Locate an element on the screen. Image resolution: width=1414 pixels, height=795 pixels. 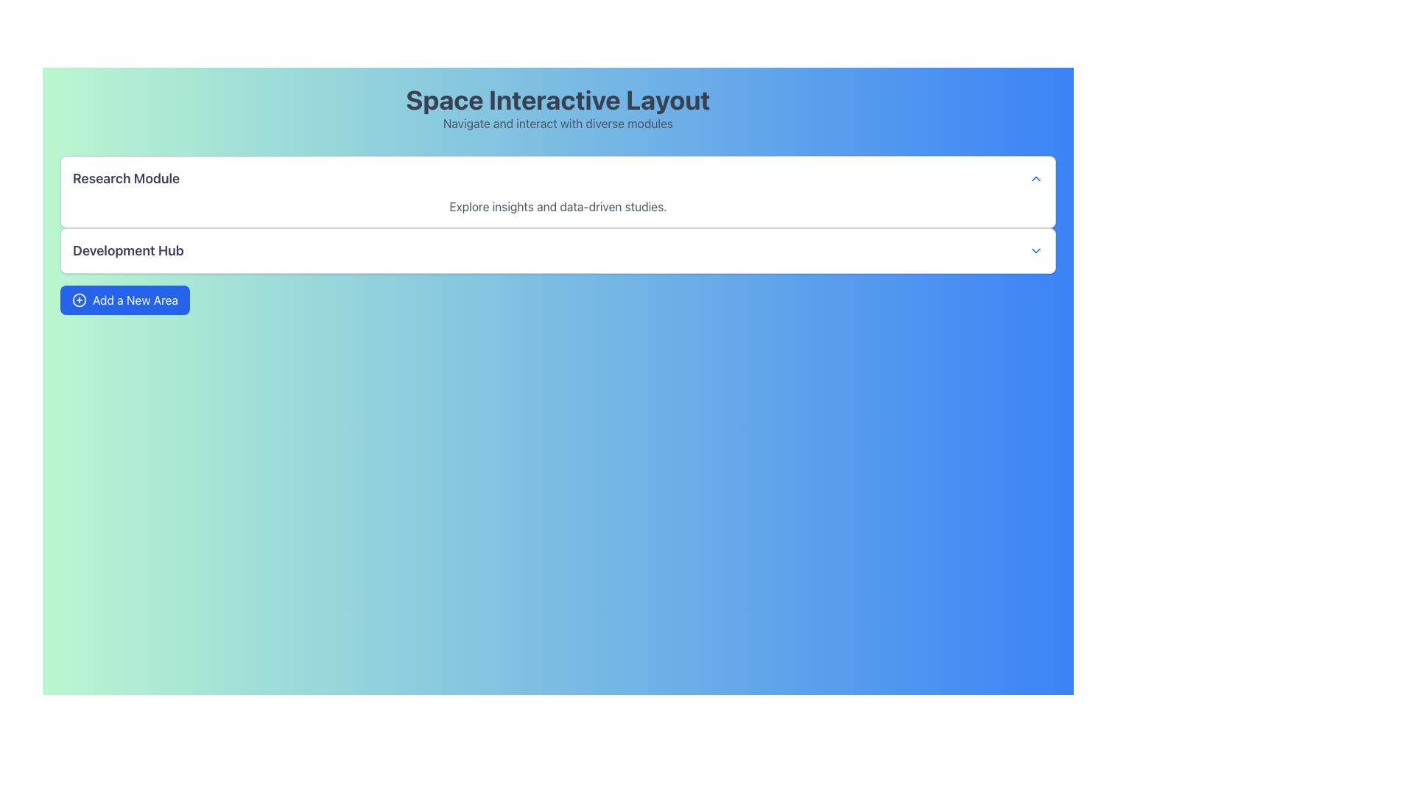
the downward-facing chevron icon button located on the far-right side of the 'Development Hub' header is located at coordinates (1035, 250).